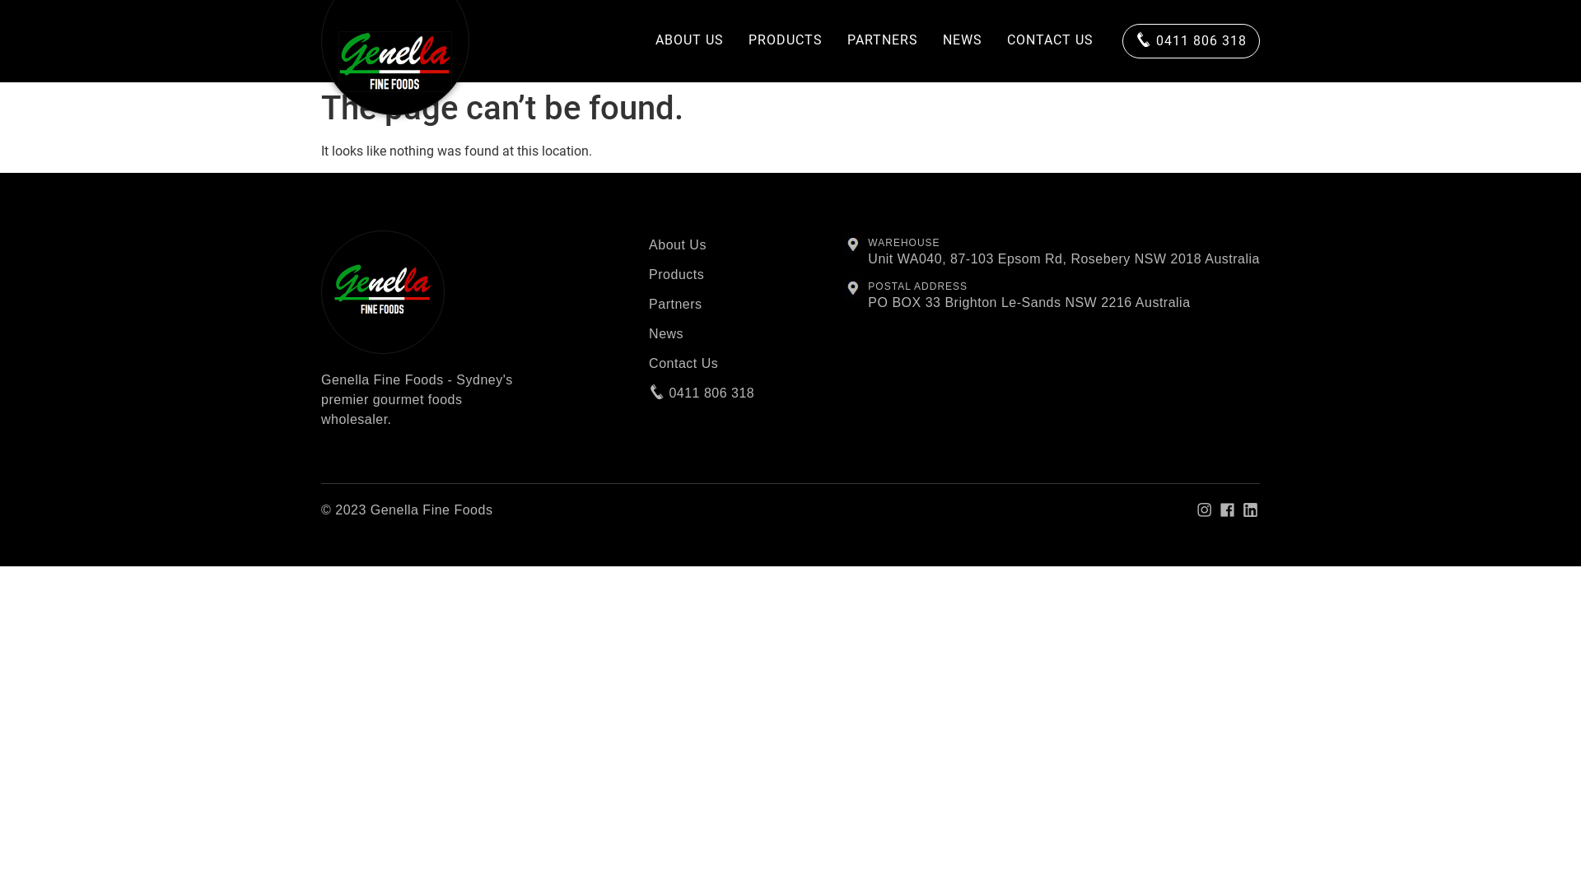 The width and height of the screenshot is (1581, 889). Describe the element at coordinates (701, 333) in the screenshot. I see `'News'` at that location.